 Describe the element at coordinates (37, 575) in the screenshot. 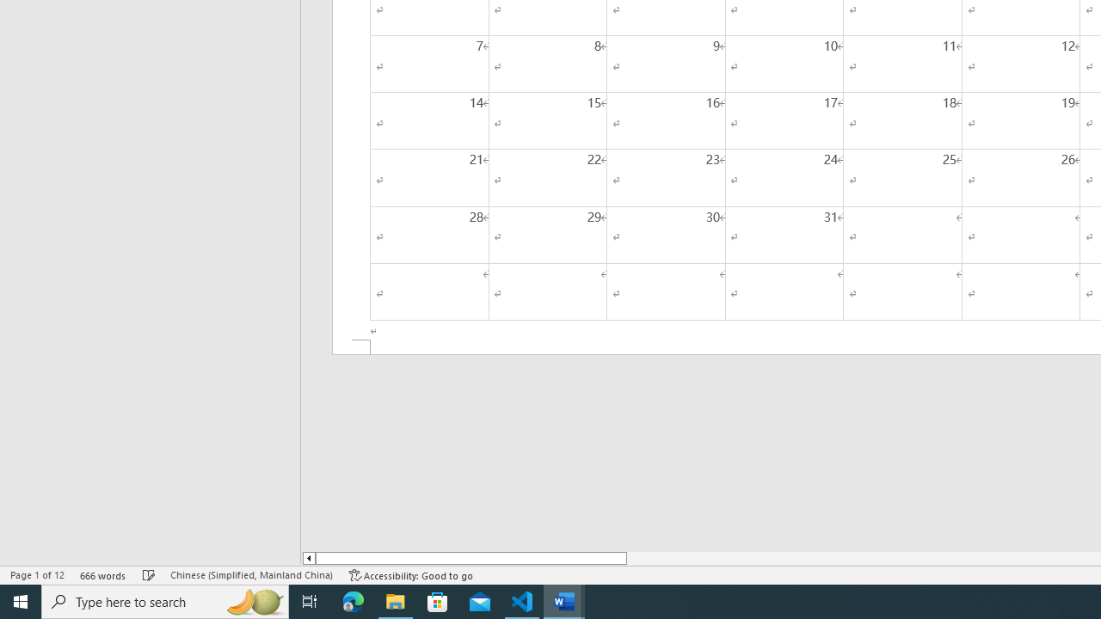

I see `'Page Number Page 1 of 12'` at that location.